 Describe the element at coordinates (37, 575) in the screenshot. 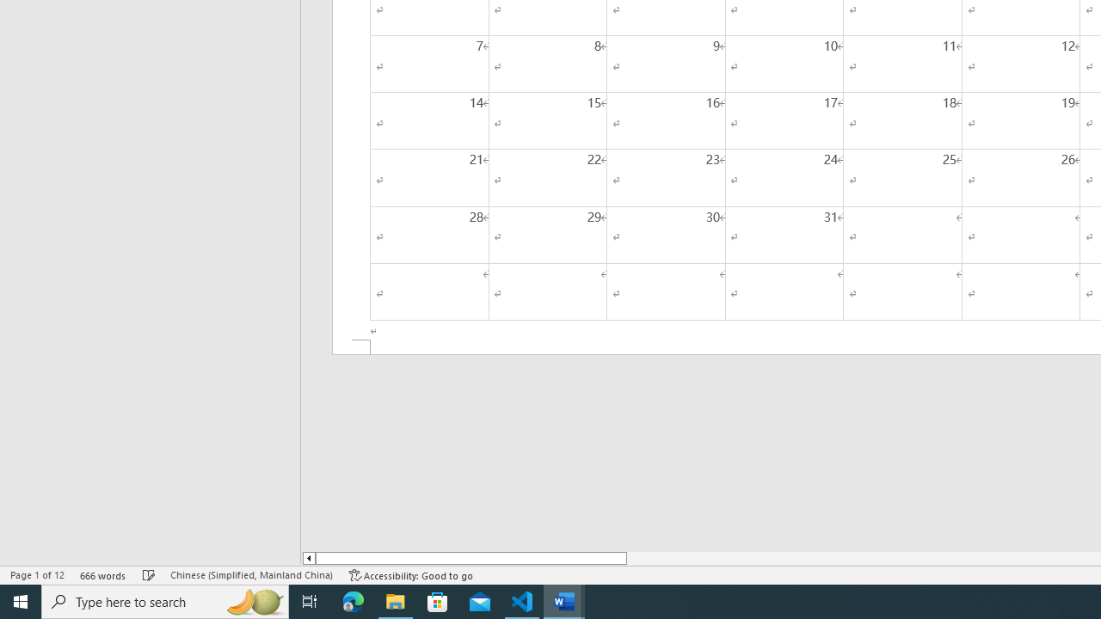

I see `'Page Number Page 1 of 12'` at that location.